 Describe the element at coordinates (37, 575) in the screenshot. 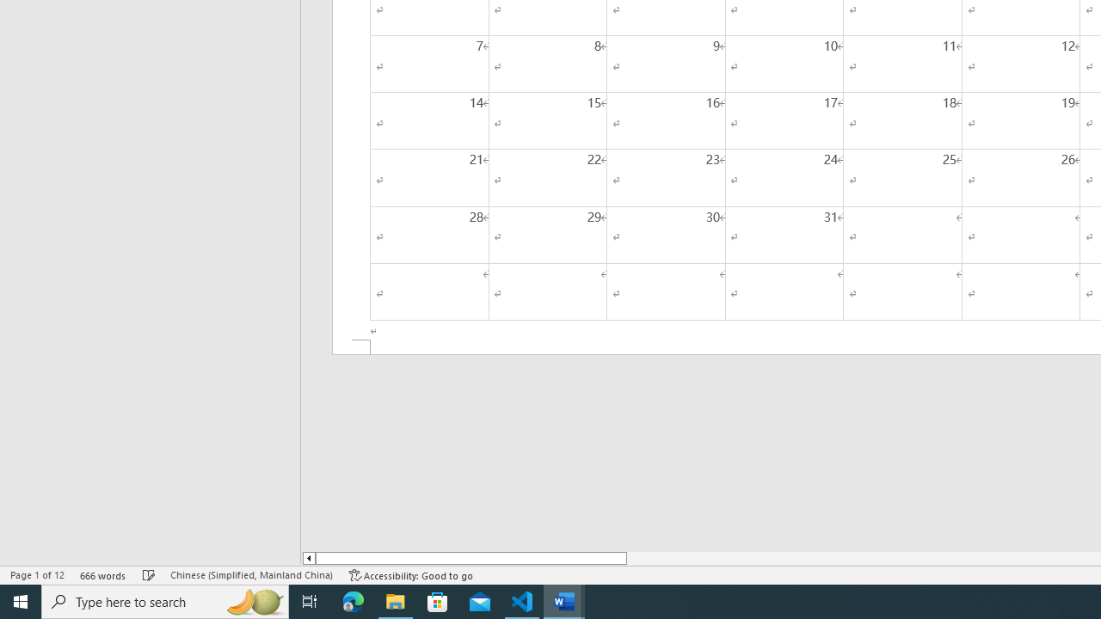

I see `'Page Number Page 1 of 12'` at that location.